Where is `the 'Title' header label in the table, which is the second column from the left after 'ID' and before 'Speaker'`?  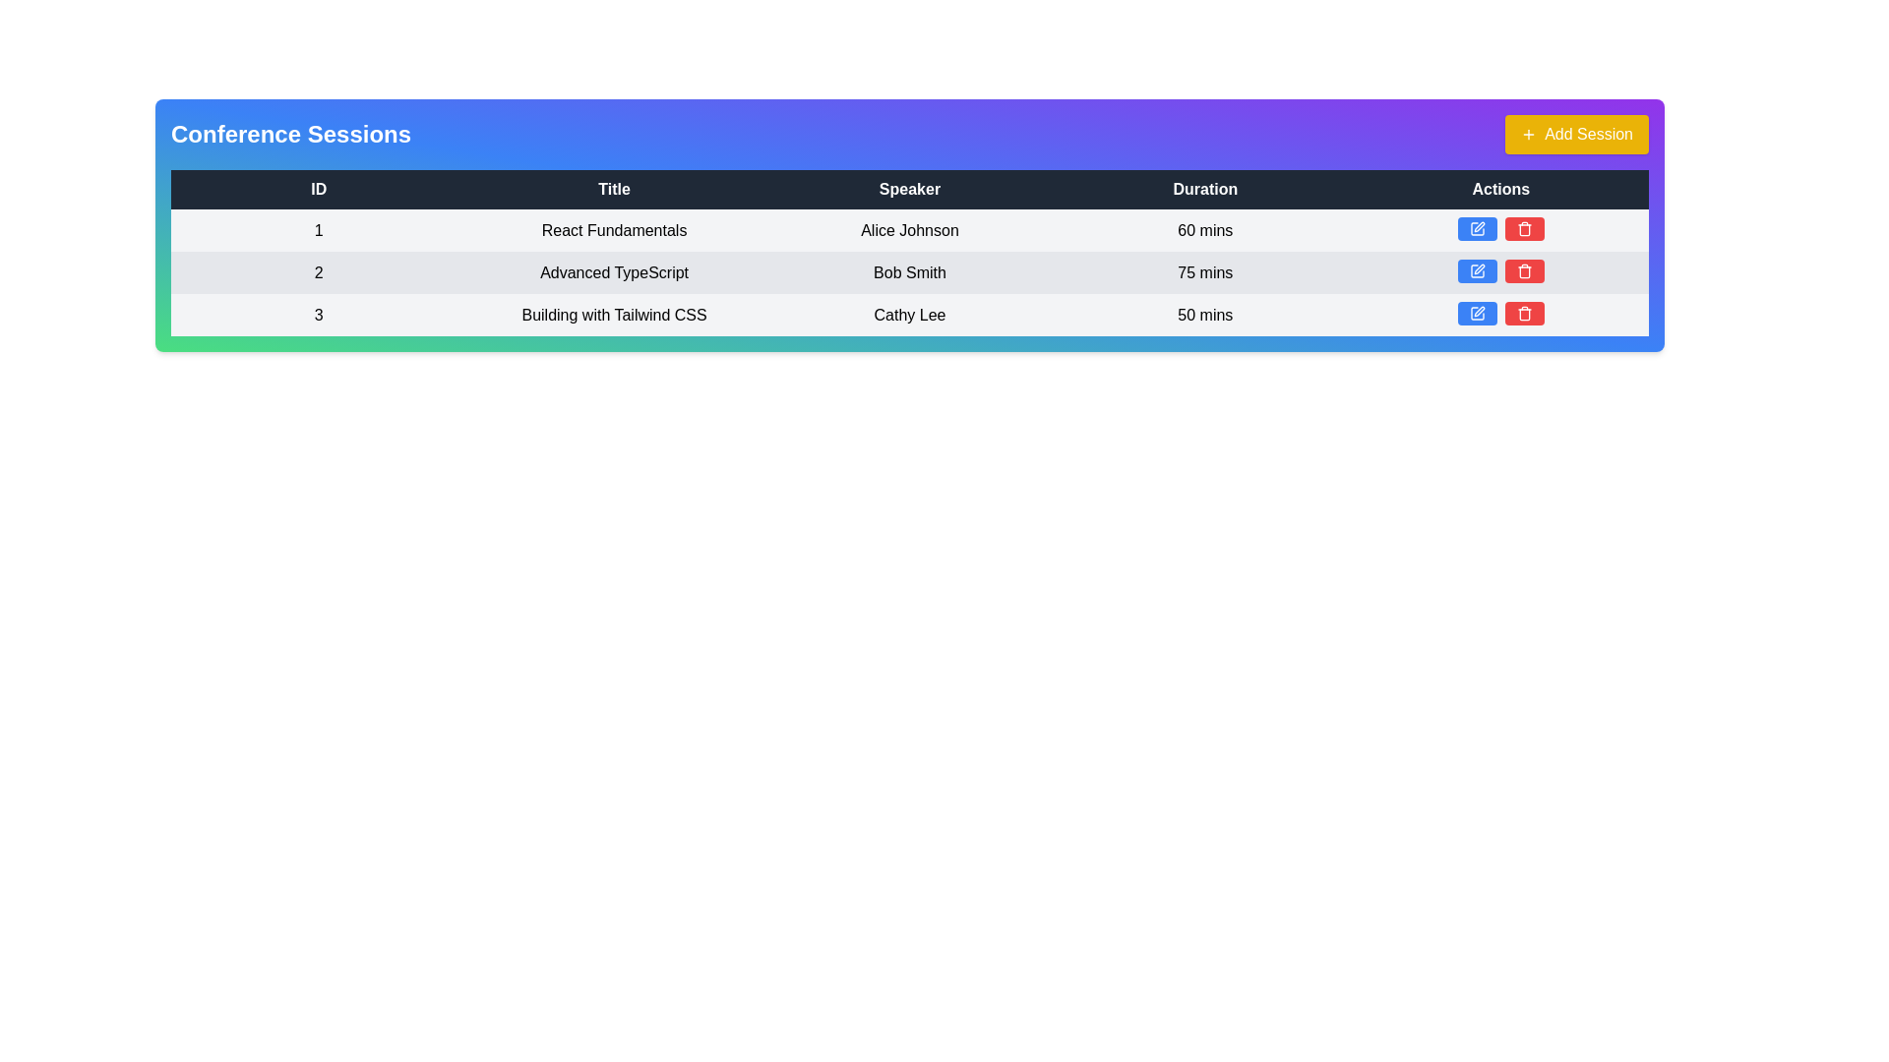 the 'Title' header label in the table, which is the second column from the left after 'ID' and before 'Speaker' is located at coordinates (613, 189).